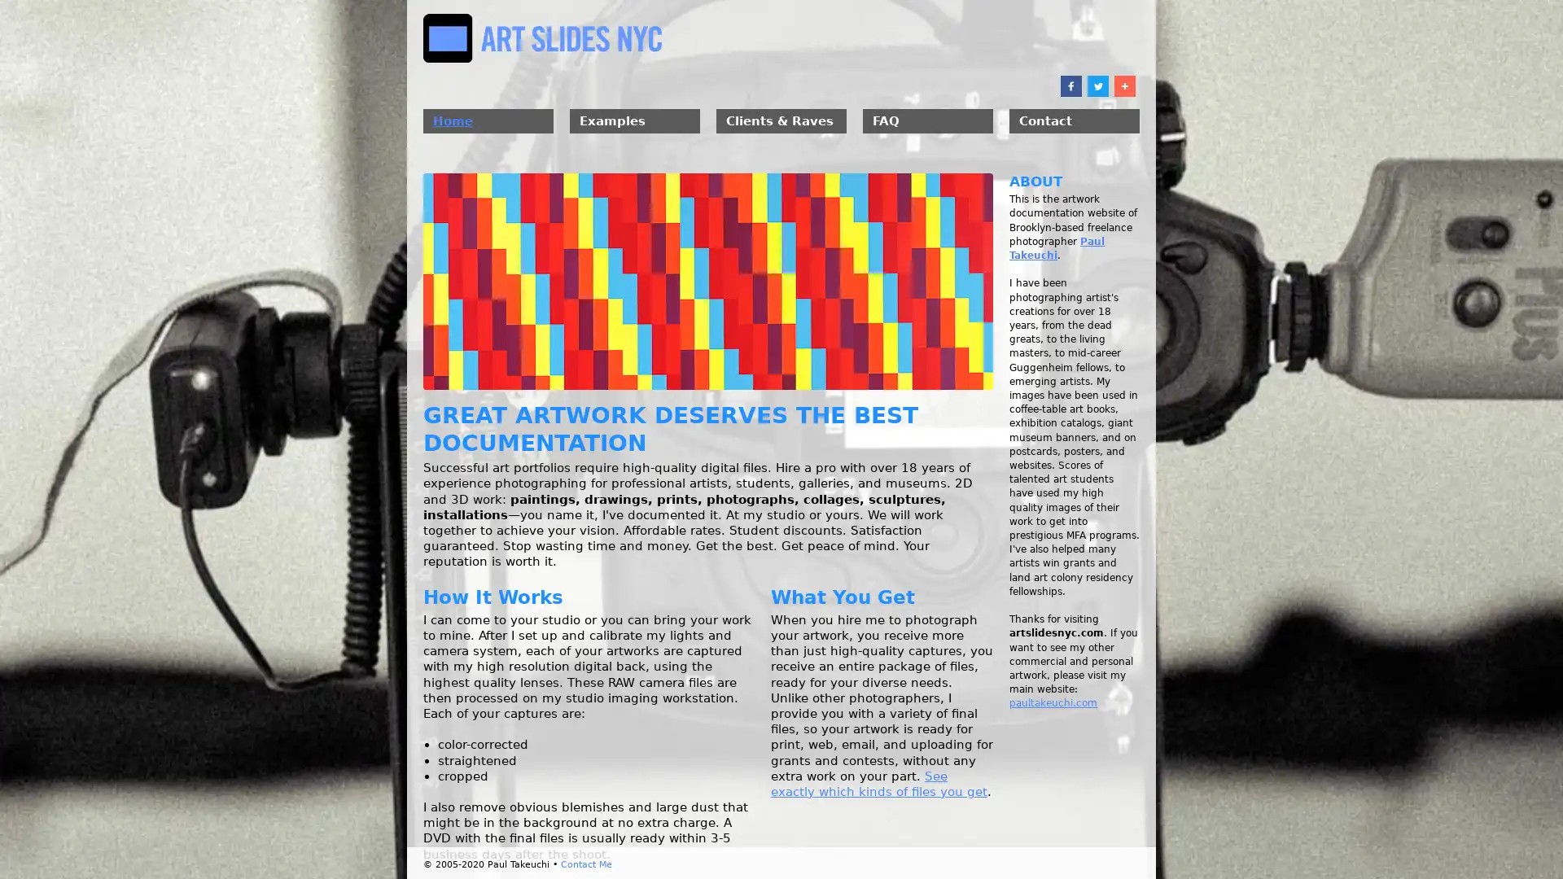 The image size is (1563, 879). Describe the element at coordinates (1102, 85) in the screenshot. I see `Share to Twitter` at that location.